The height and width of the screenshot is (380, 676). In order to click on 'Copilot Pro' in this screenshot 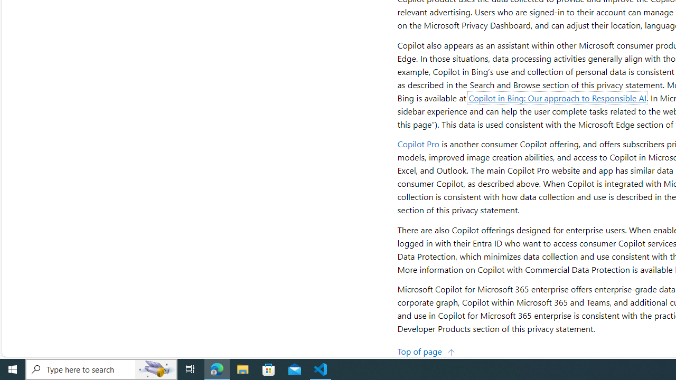, I will do `click(418, 144)`.